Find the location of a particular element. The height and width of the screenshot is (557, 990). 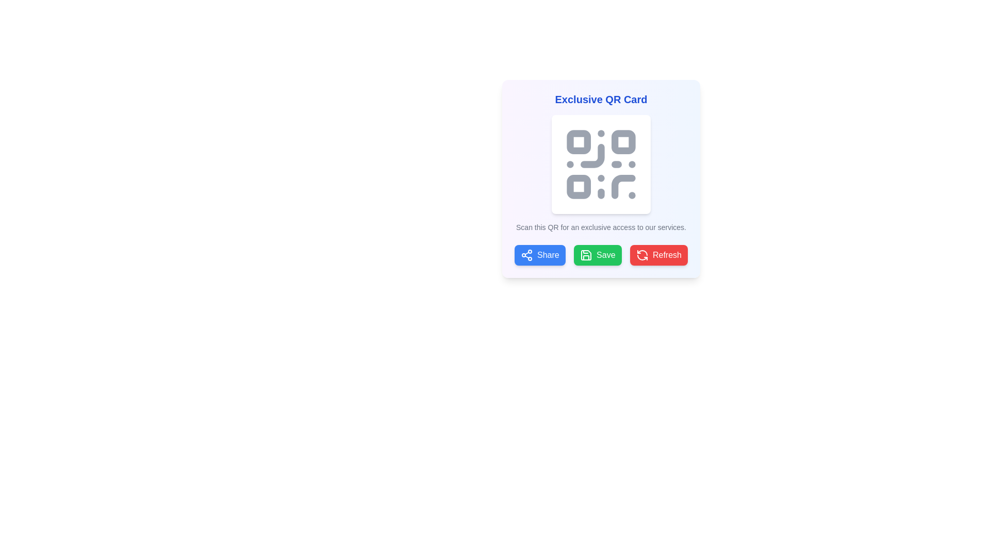

the 'Save' button text label located on the green button beneath the QR code display to observe any hover effects is located at coordinates (606, 255).